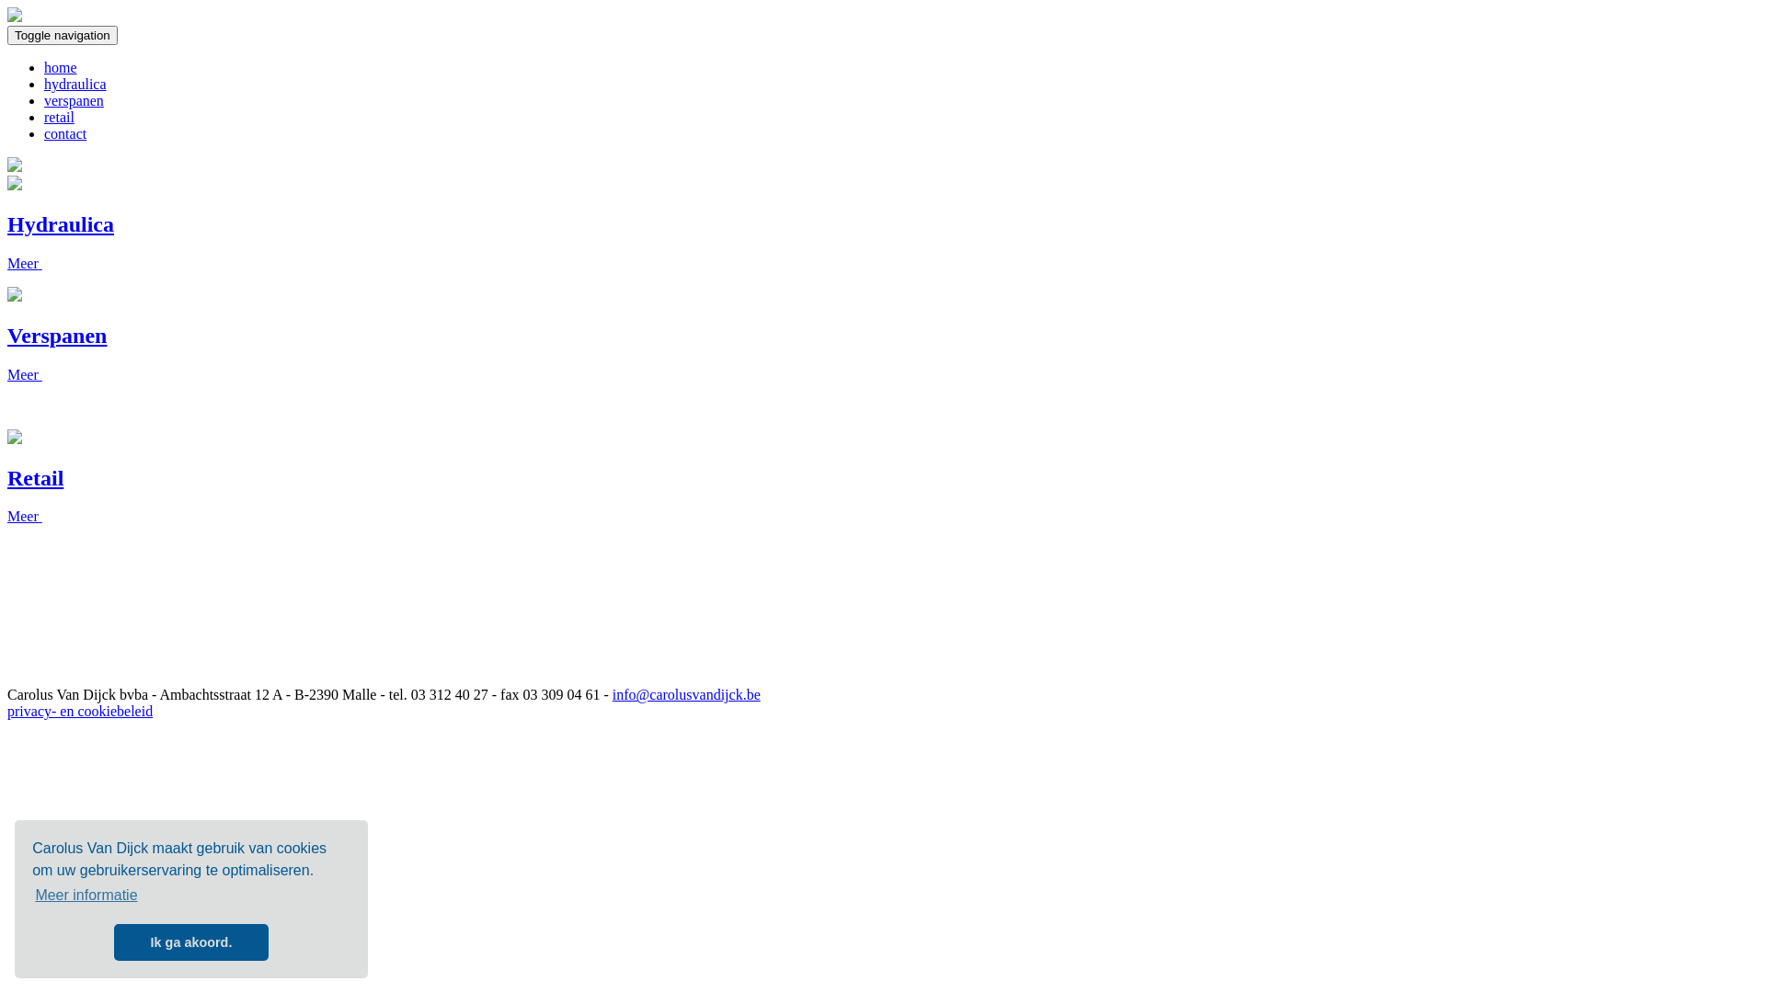 The image size is (1766, 993). What do you see at coordinates (685, 694) in the screenshot?
I see `'info@carolusvandijck.be'` at bounding box center [685, 694].